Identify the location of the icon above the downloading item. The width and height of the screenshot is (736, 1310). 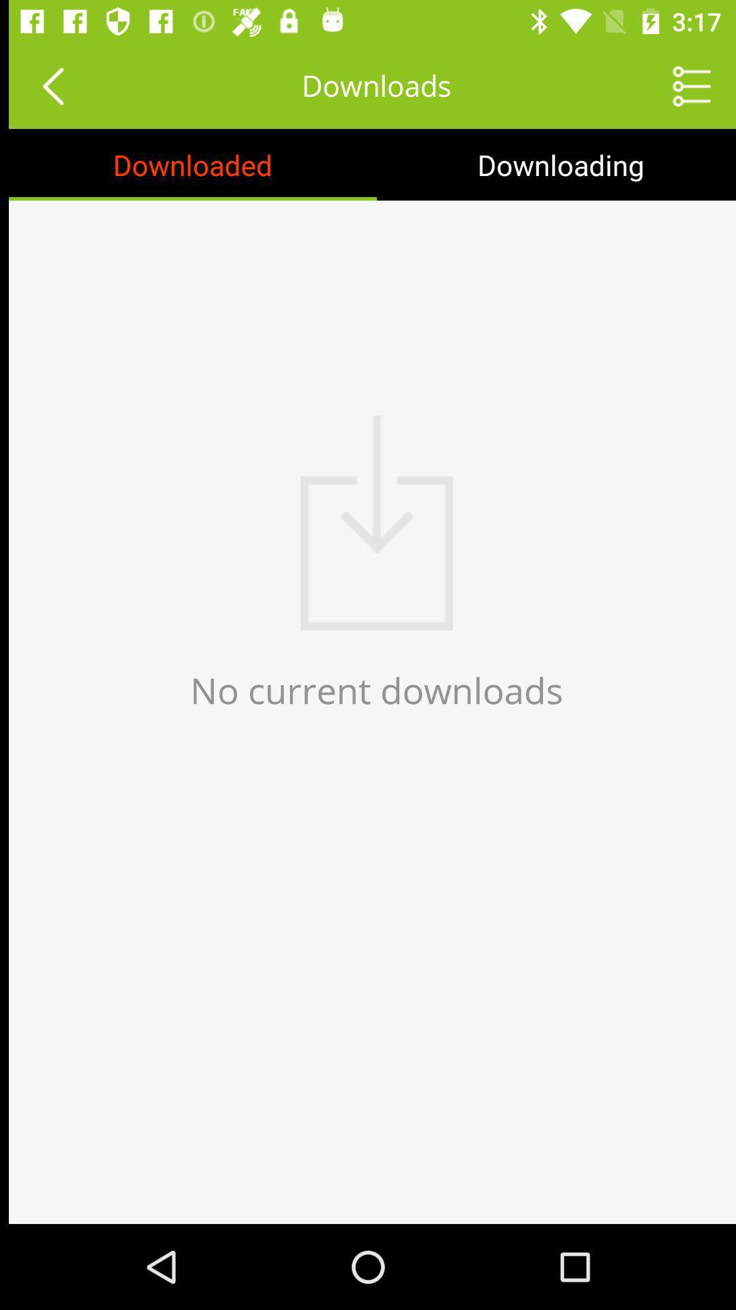
(683, 85).